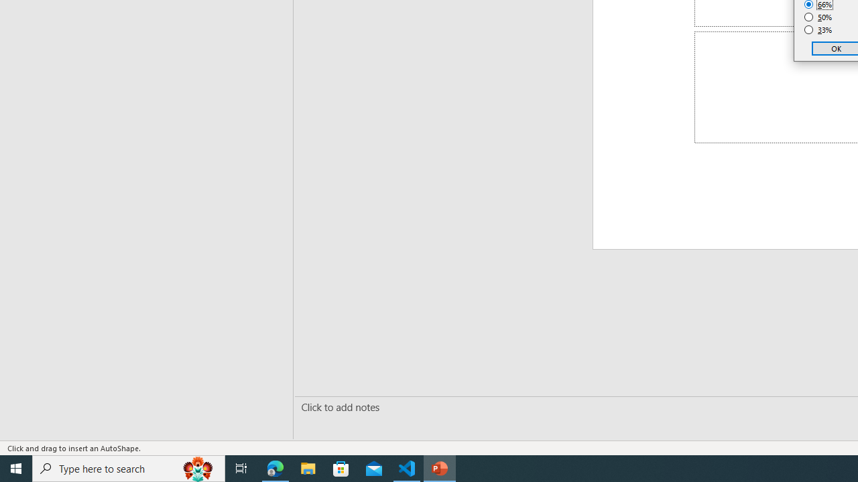 Image resolution: width=858 pixels, height=482 pixels. What do you see at coordinates (818, 17) in the screenshot?
I see `'50%'` at bounding box center [818, 17].